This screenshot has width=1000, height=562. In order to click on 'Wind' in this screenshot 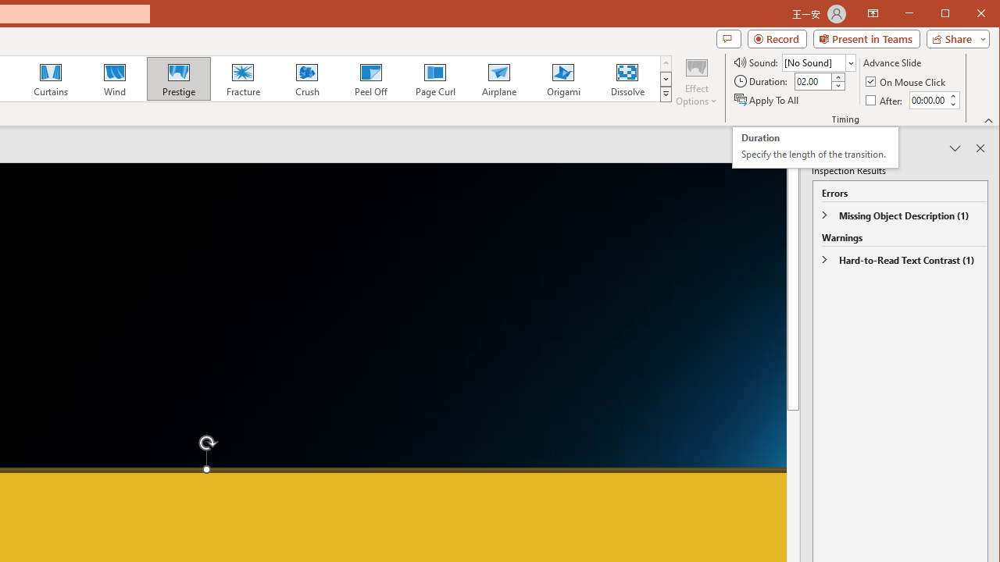, I will do `click(114, 78)`.